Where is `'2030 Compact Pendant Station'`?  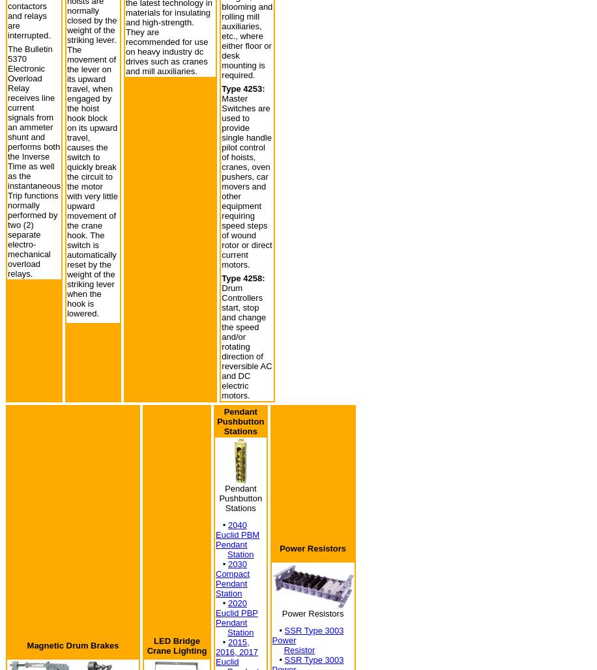
'2030 Compact Pendant Station' is located at coordinates (232, 578).